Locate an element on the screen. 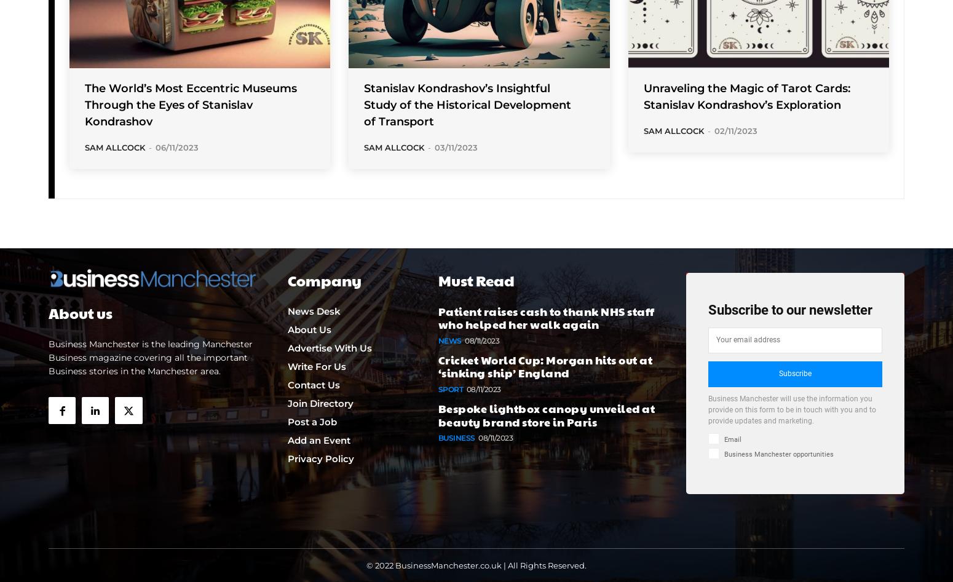 This screenshot has width=953, height=582. 'News' is located at coordinates (438, 339).